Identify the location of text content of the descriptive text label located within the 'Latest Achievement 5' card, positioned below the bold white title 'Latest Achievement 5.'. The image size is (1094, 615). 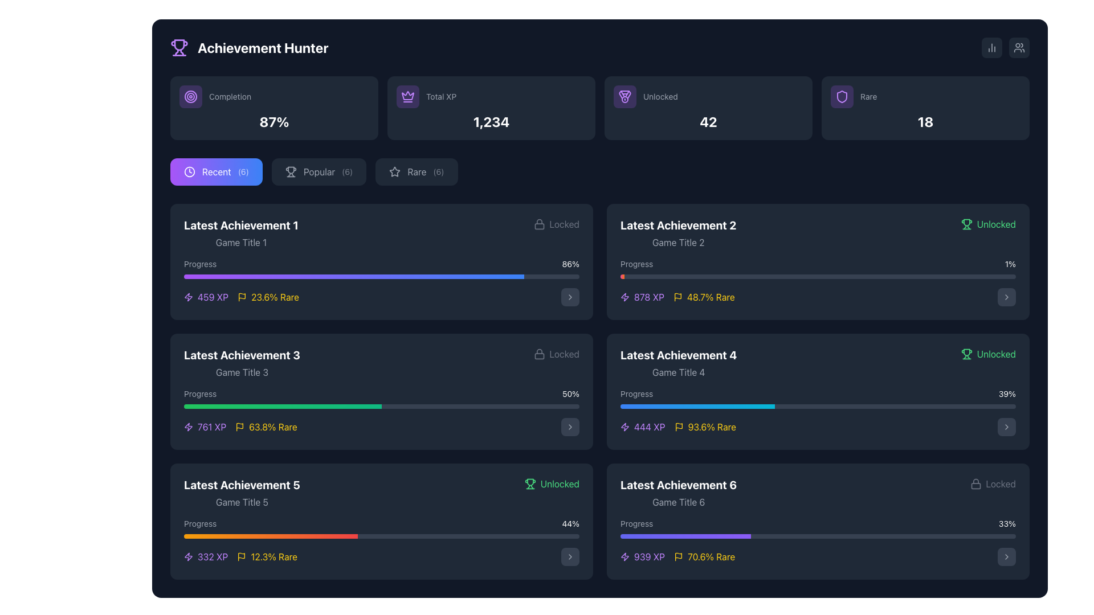
(241, 502).